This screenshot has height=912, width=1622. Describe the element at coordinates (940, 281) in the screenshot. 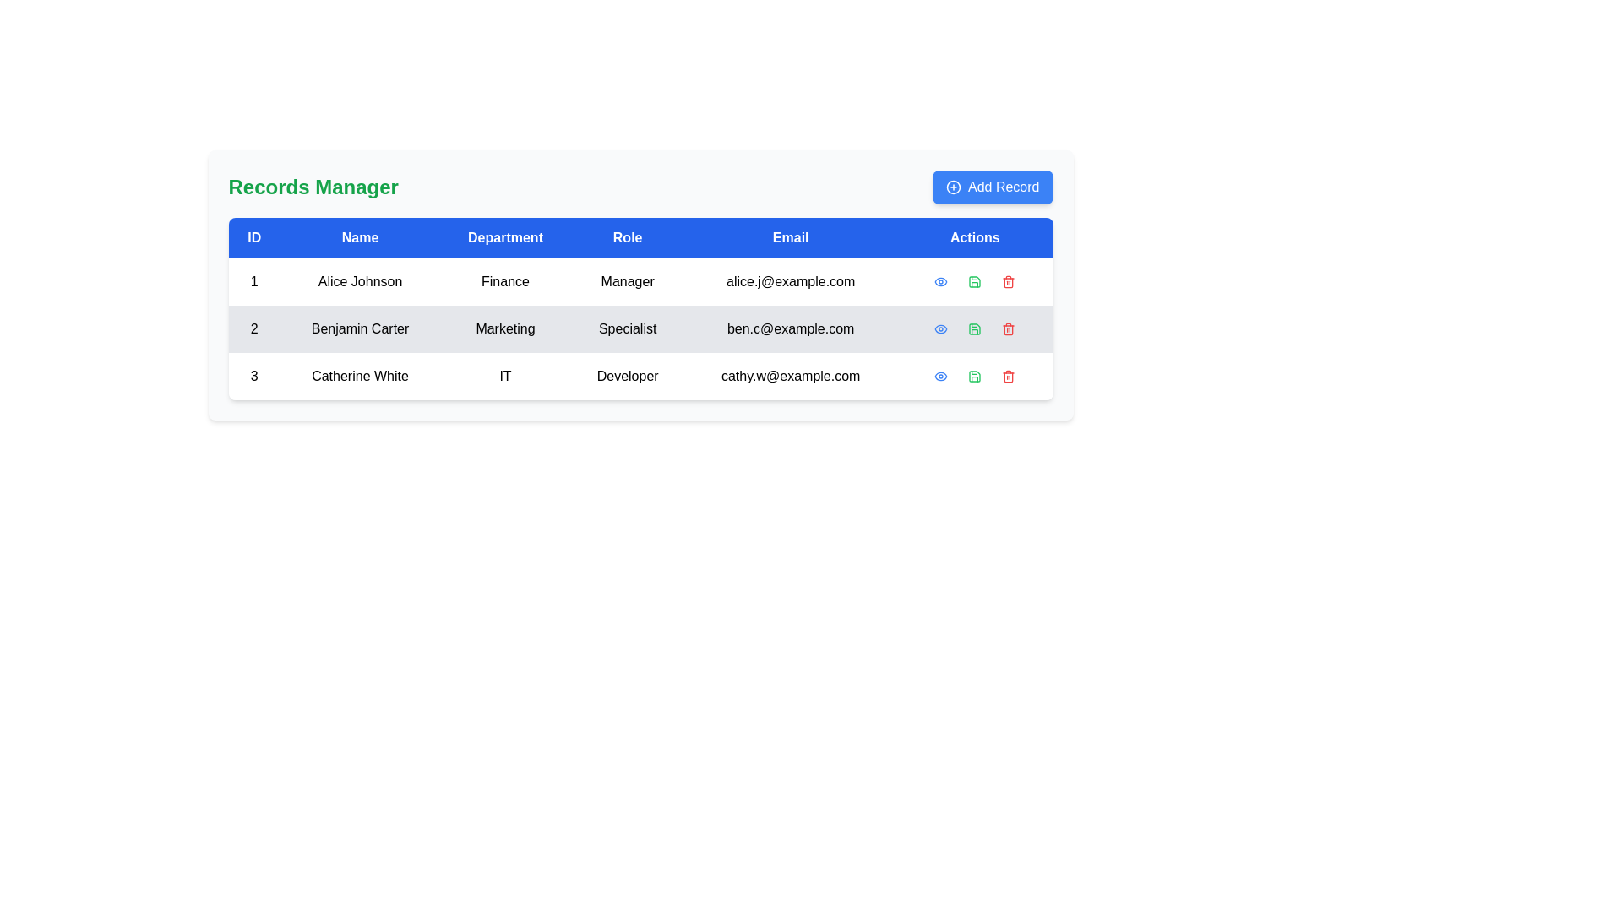

I see `the eye-shaped icon in the 'Actions' column of the second row` at that location.